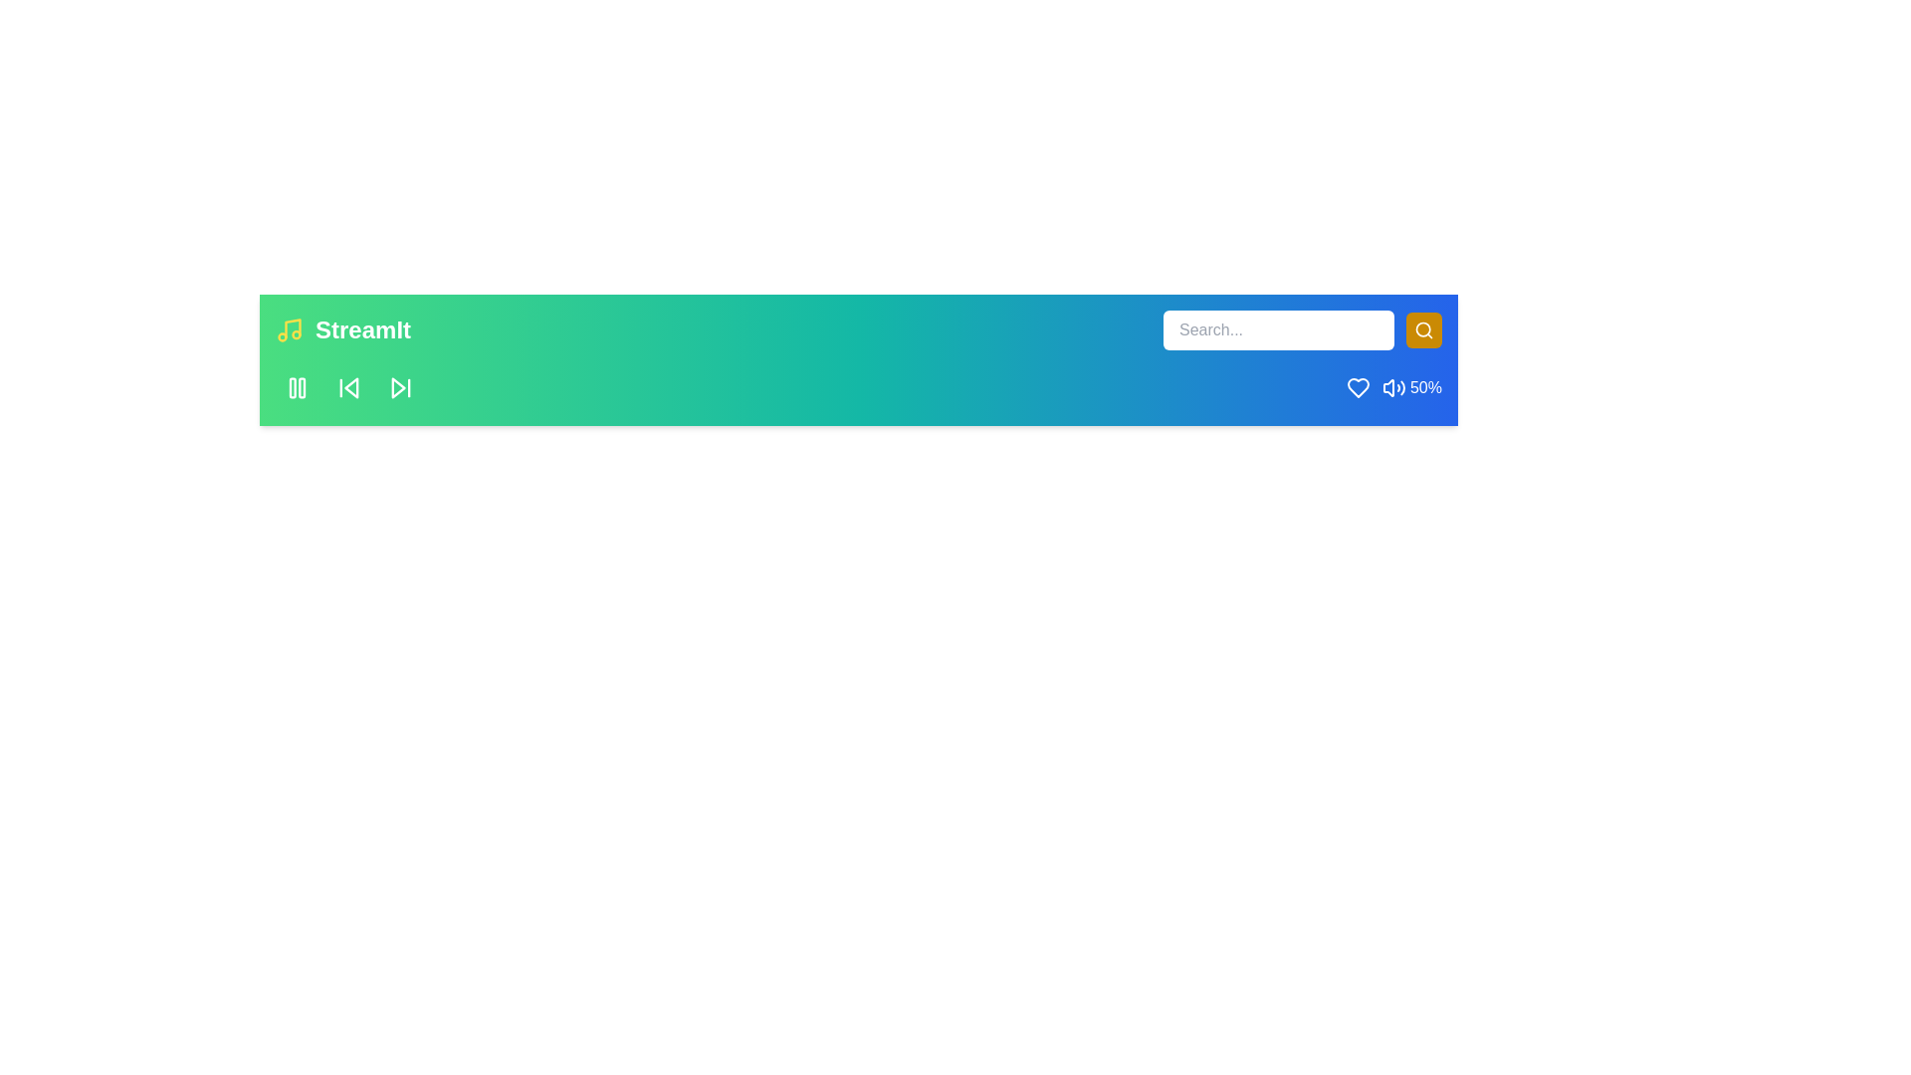  I want to click on the volume to 73% by interacting with the volume control, so click(1397, 387).